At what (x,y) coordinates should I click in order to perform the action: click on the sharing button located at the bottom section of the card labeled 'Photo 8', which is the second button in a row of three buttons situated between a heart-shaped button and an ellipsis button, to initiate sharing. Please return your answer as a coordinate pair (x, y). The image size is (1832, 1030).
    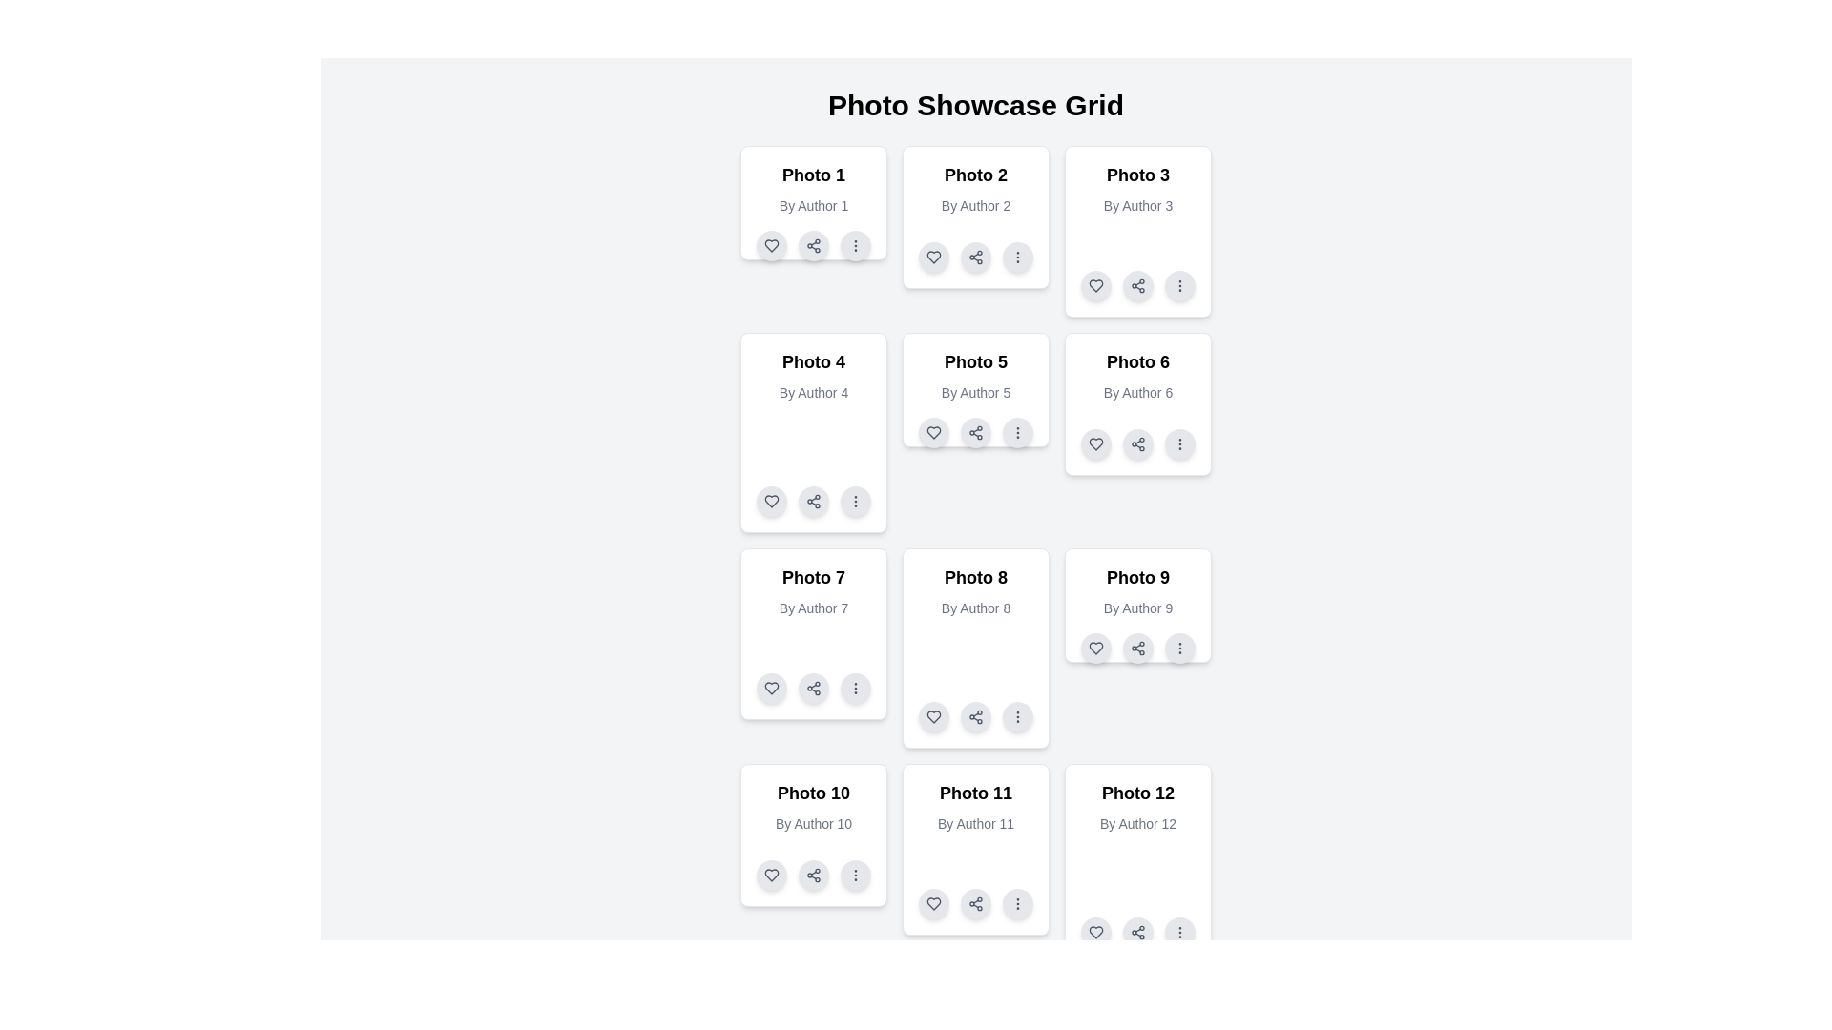
    Looking at the image, I should click on (975, 717).